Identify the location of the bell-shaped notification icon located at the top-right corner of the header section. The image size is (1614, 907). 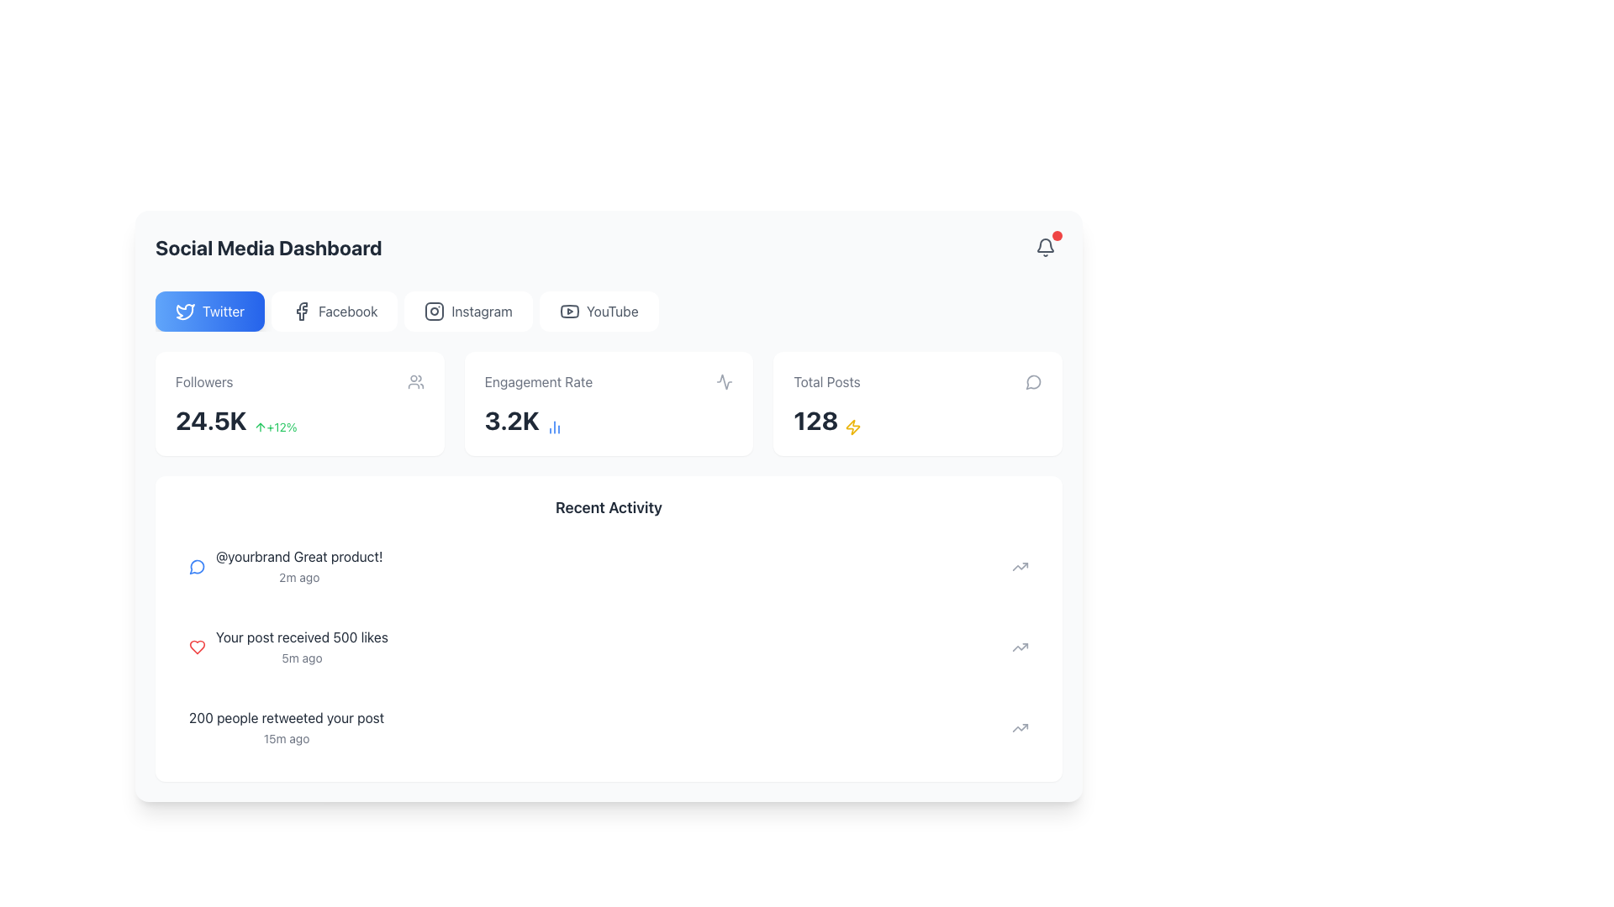
(1044, 247).